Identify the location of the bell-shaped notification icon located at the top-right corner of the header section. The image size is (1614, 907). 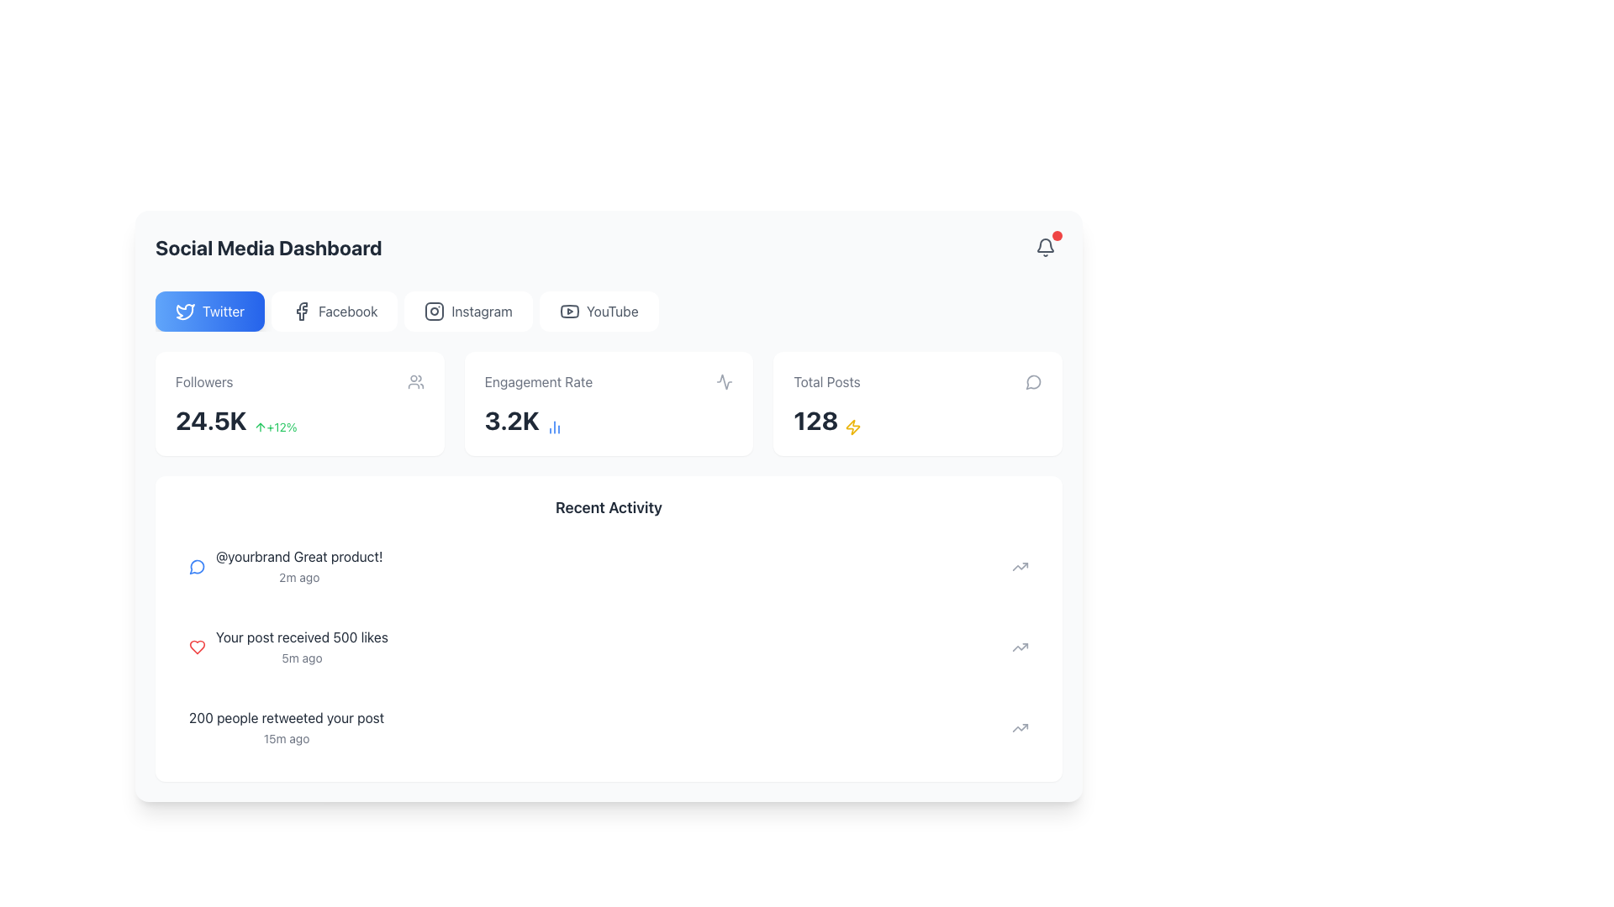
(1044, 247).